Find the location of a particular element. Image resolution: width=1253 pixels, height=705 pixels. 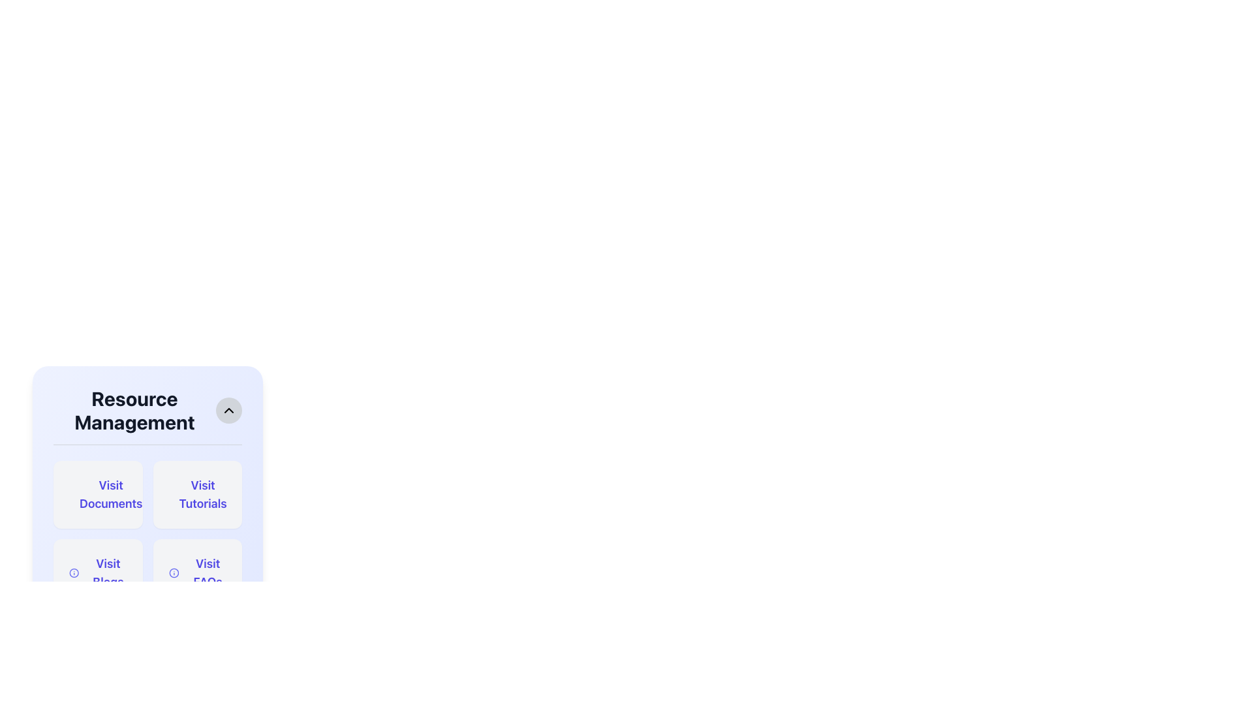

the 'Visit FAQs' button, which is a rectangular button with a light gray background and bold indigo text, located in the bottom-right of the 'Resource Management' grid is located at coordinates (196, 572).